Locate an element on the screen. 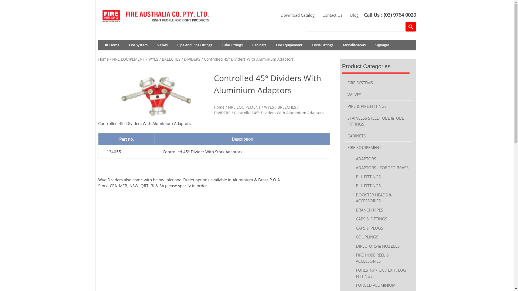 This screenshot has width=518, height=291. 'Blog' is located at coordinates (351, 15).